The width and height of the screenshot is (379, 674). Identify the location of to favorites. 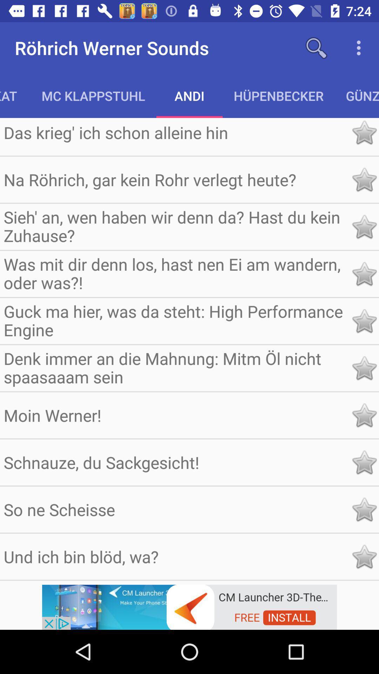
(364, 321).